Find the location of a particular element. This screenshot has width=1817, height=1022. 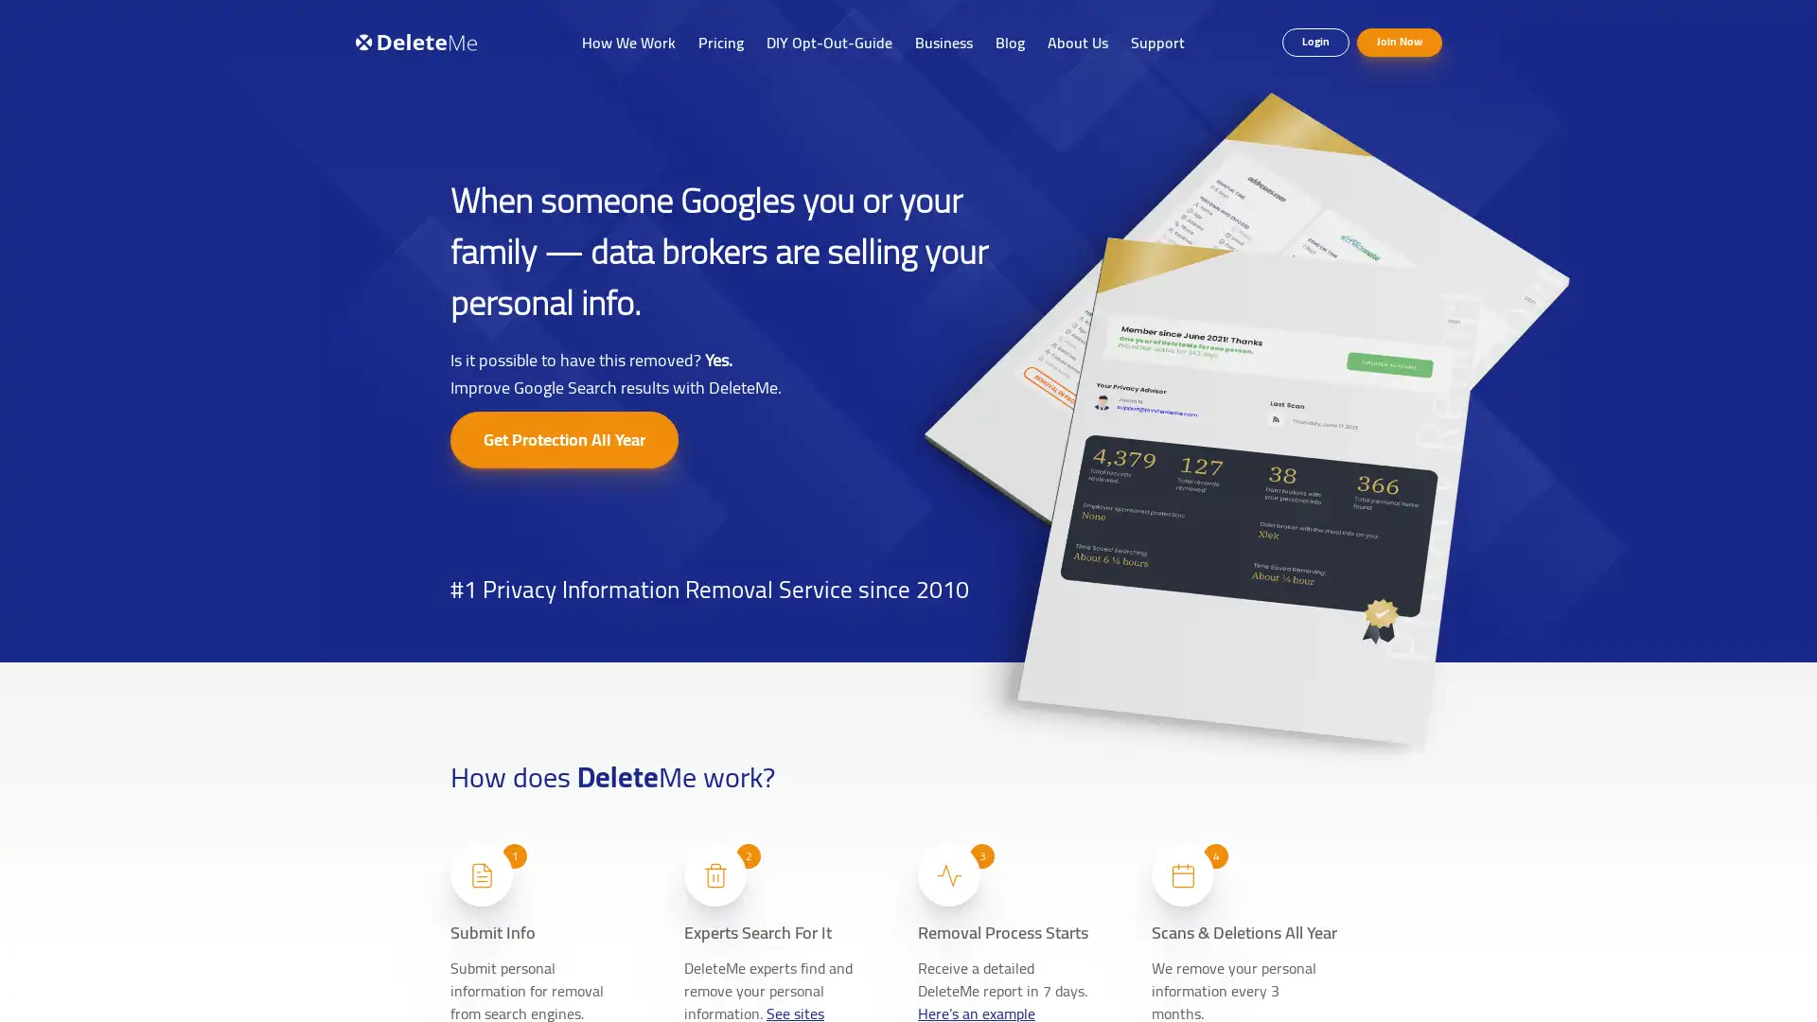

Get Protection All Year is located at coordinates (563, 438).